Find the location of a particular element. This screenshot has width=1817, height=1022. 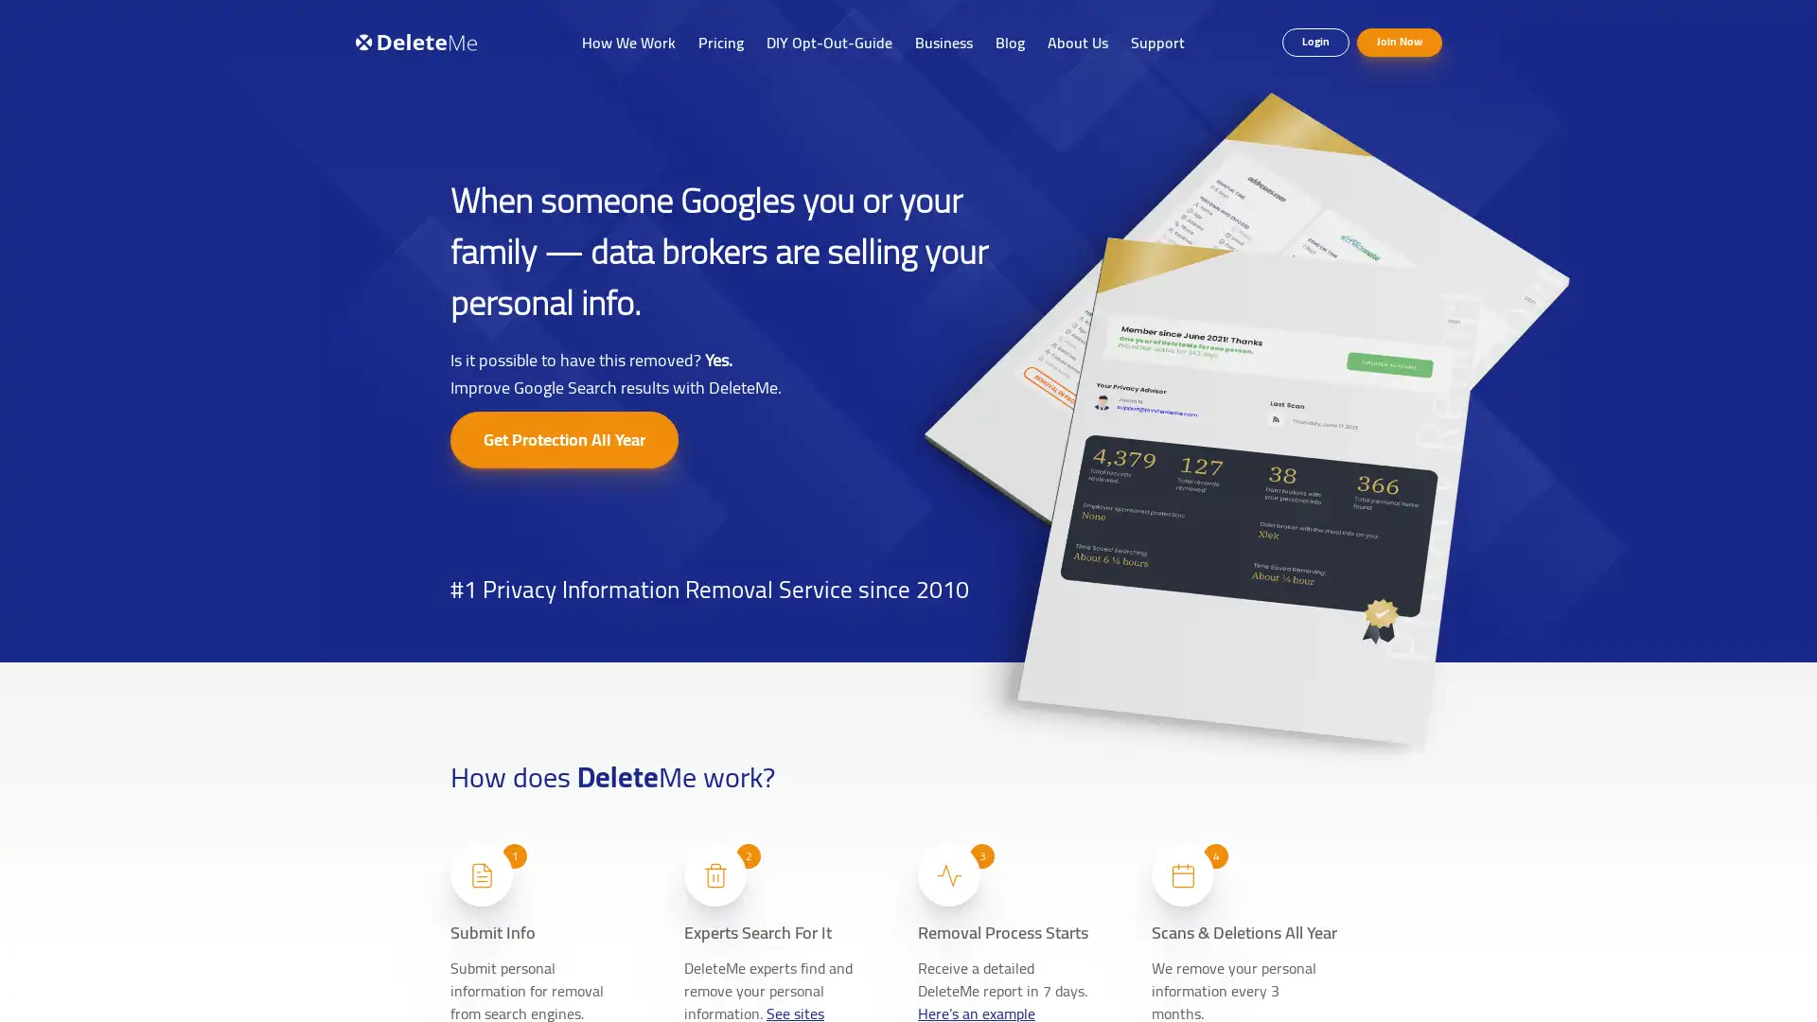

Get Protection All Year is located at coordinates (563, 438).